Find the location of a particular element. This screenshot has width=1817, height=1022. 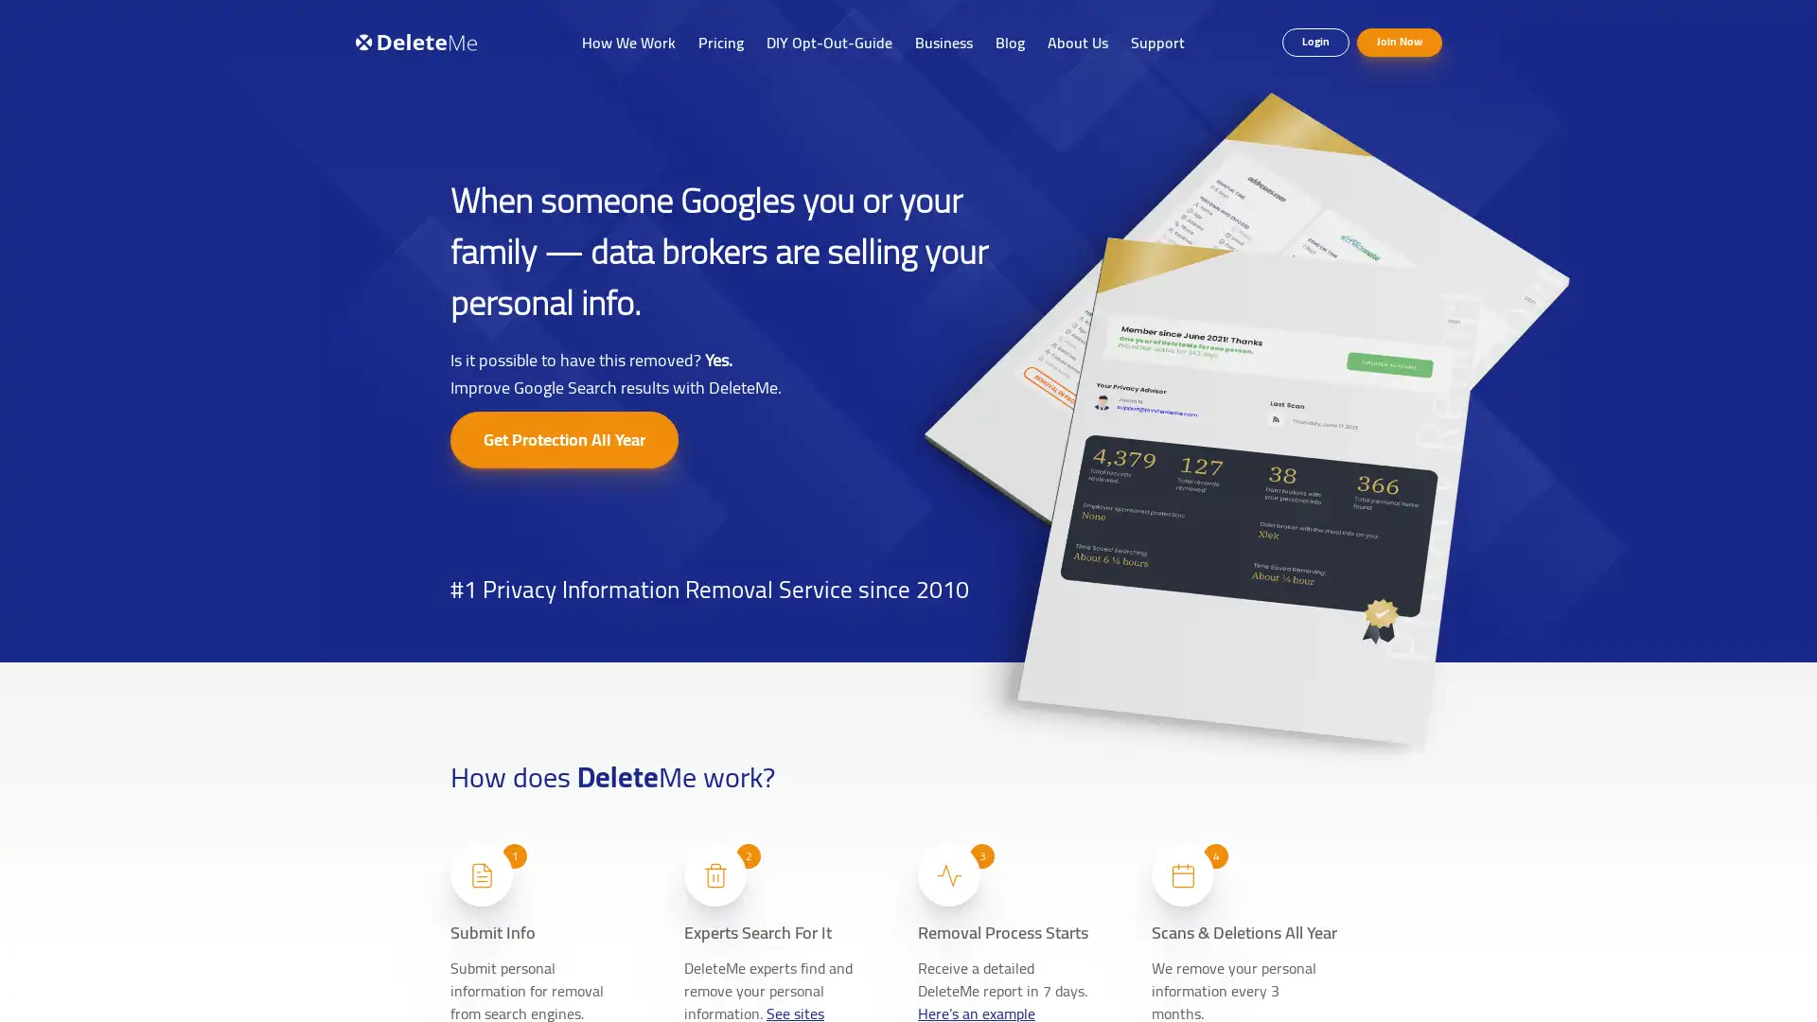

Get Protection All Year is located at coordinates (563, 438).